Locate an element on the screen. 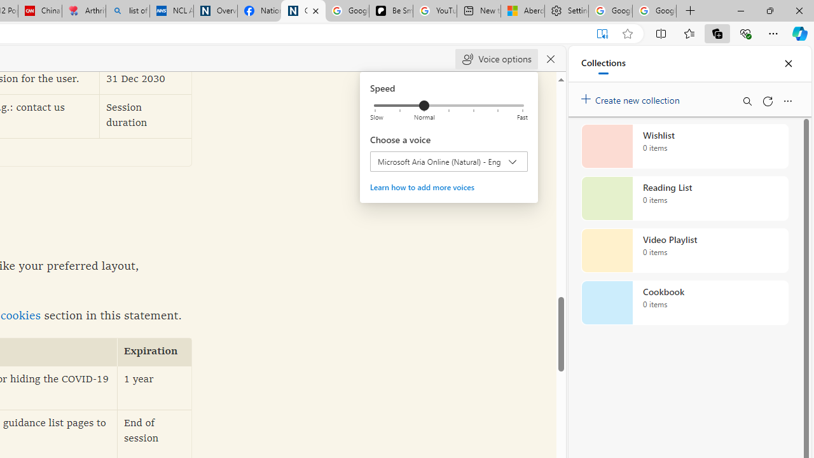 This screenshot has height=458, width=814. 'Reading List collection, 0 items' is located at coordinates (684, 198).